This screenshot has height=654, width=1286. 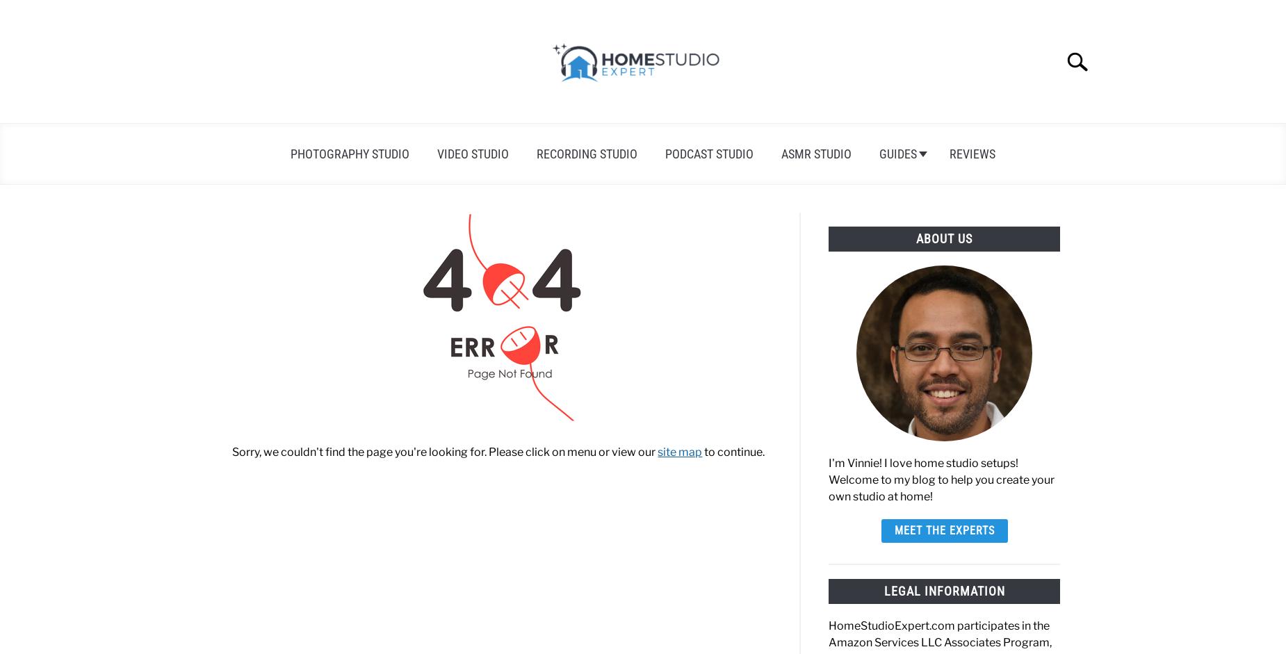 What do you see at coordinates (815, 153) in the screenshot?
I see `'ASMR Studio'` at bounding box center [815, 153].